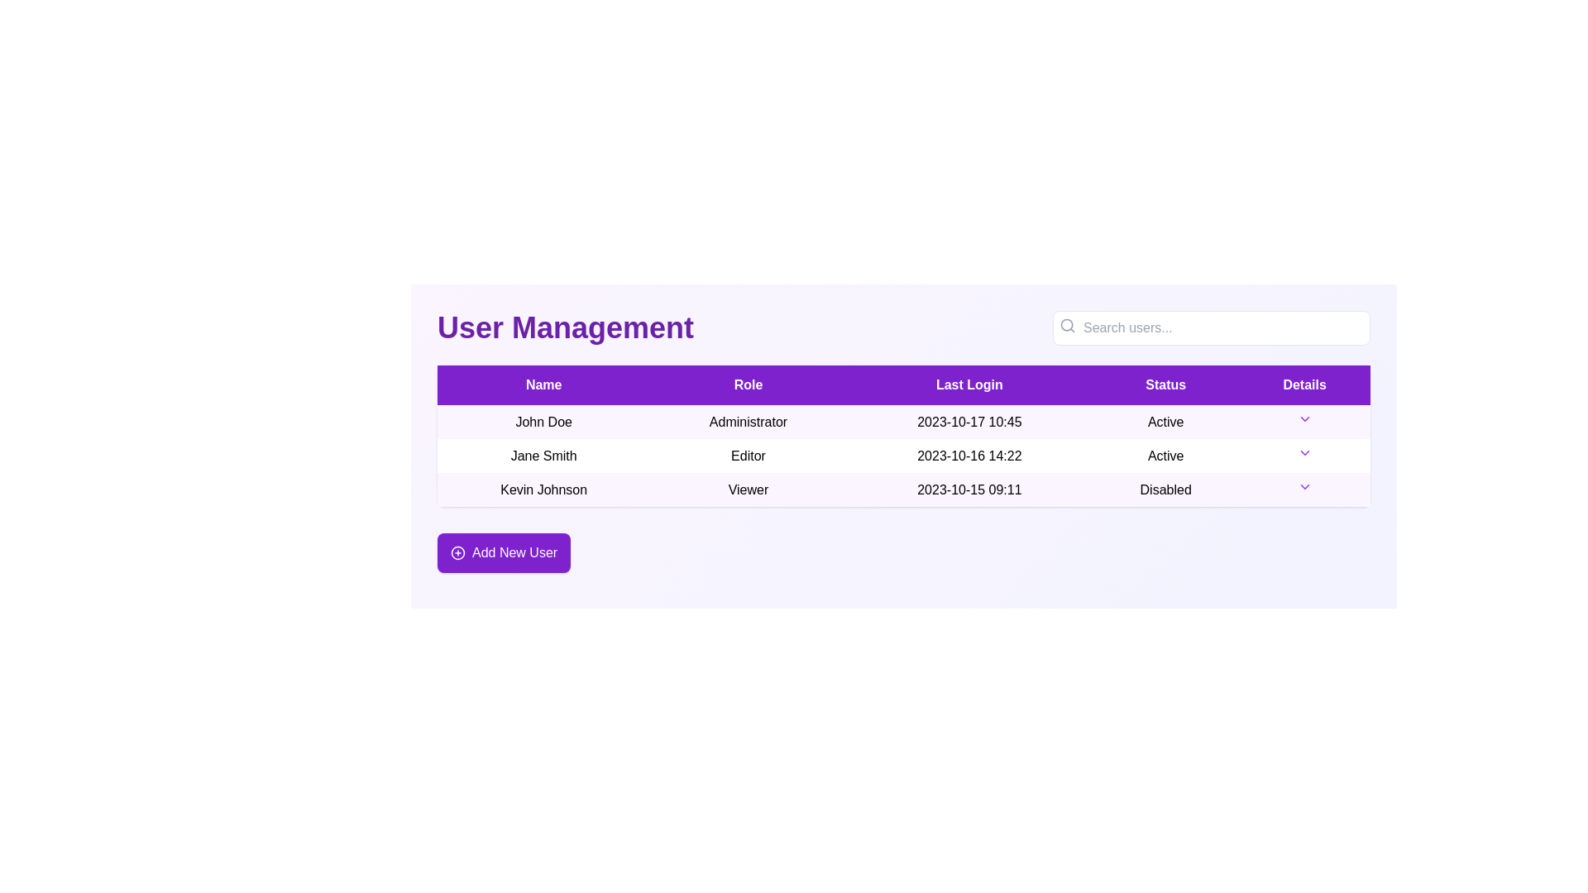 The height and width of the screenshot is (893, 1588). What do you see at coordinates (543, 385) in the screenshot?
I see `text of the purple-colored header cell labeled 'Name' located at the far-left position in the table header row` at bounding box center [543, 385].